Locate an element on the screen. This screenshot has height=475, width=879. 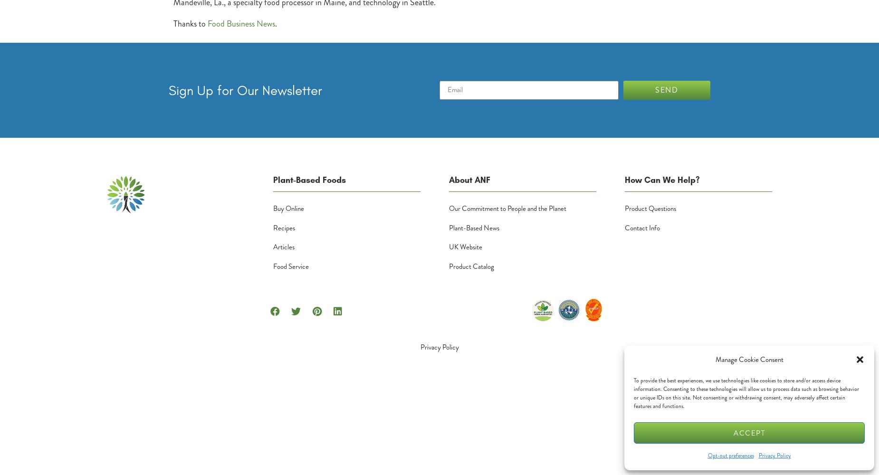
'Send' is located at coordinates (667, 89).